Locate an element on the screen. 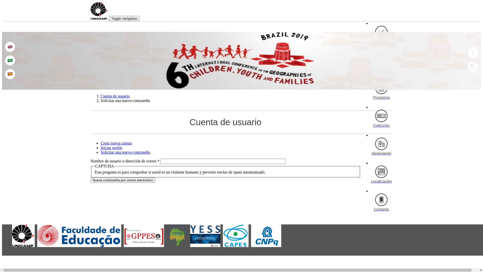  'Toggle navigation' is located at coordinates (124, 18).